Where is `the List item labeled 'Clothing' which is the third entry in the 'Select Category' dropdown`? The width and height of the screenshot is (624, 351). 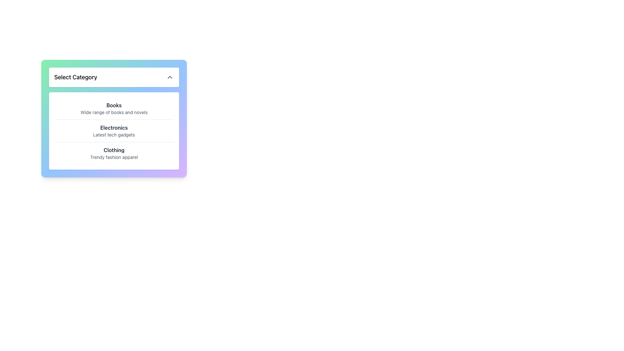
the List item labeled 'Clothing' which is the third entry in the 'Select Category' dropdown is located at coordinates (114, 153).